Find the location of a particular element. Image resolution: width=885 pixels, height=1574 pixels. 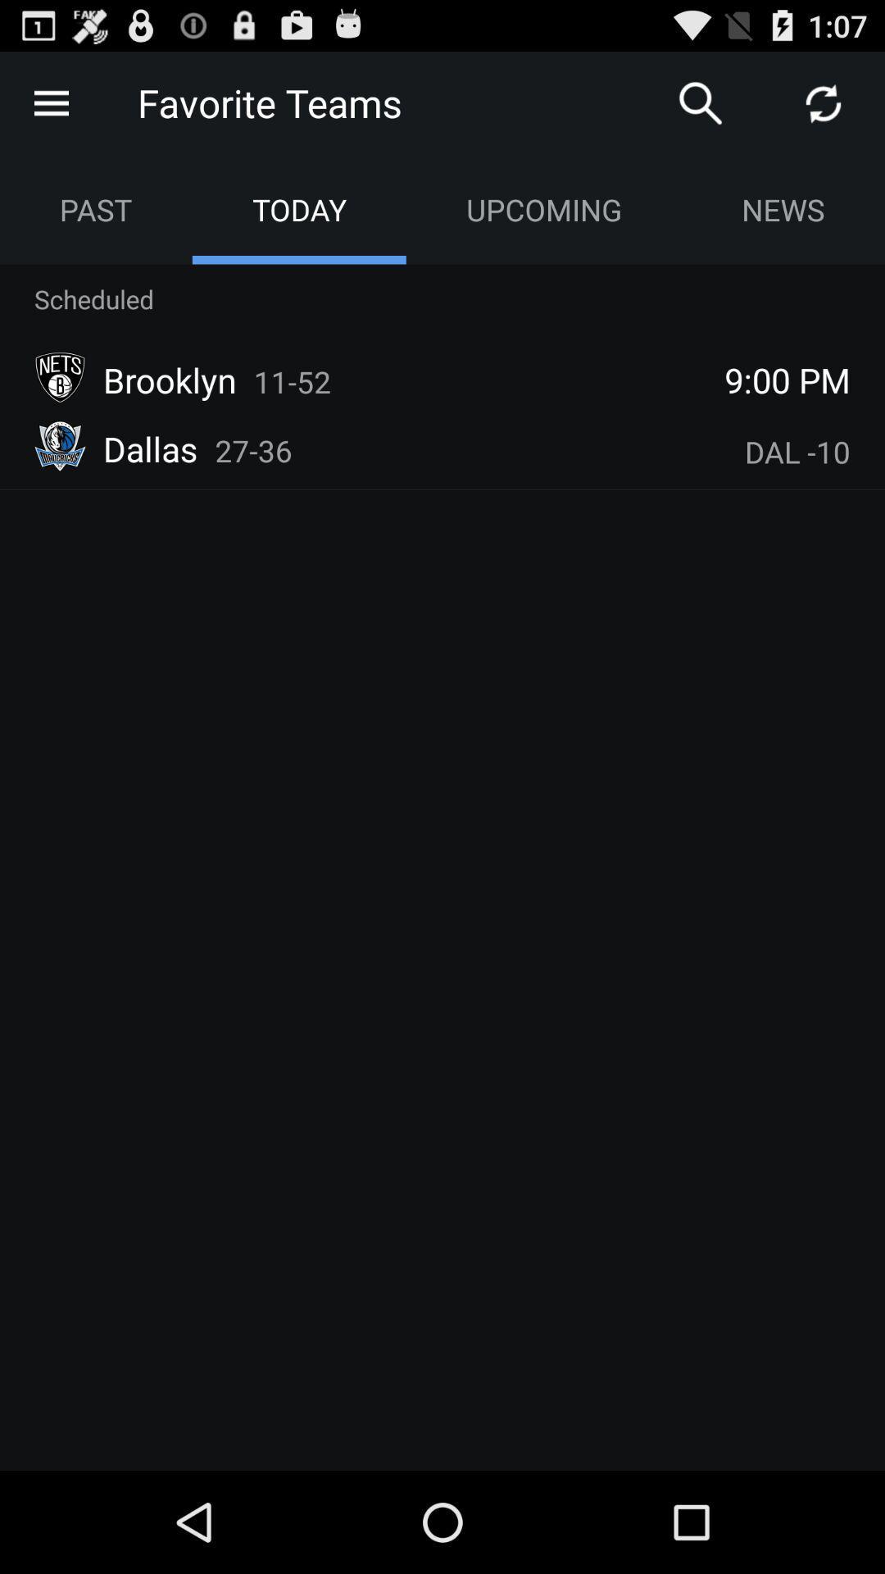

the app next to the news is located at coordinates (543, 208).